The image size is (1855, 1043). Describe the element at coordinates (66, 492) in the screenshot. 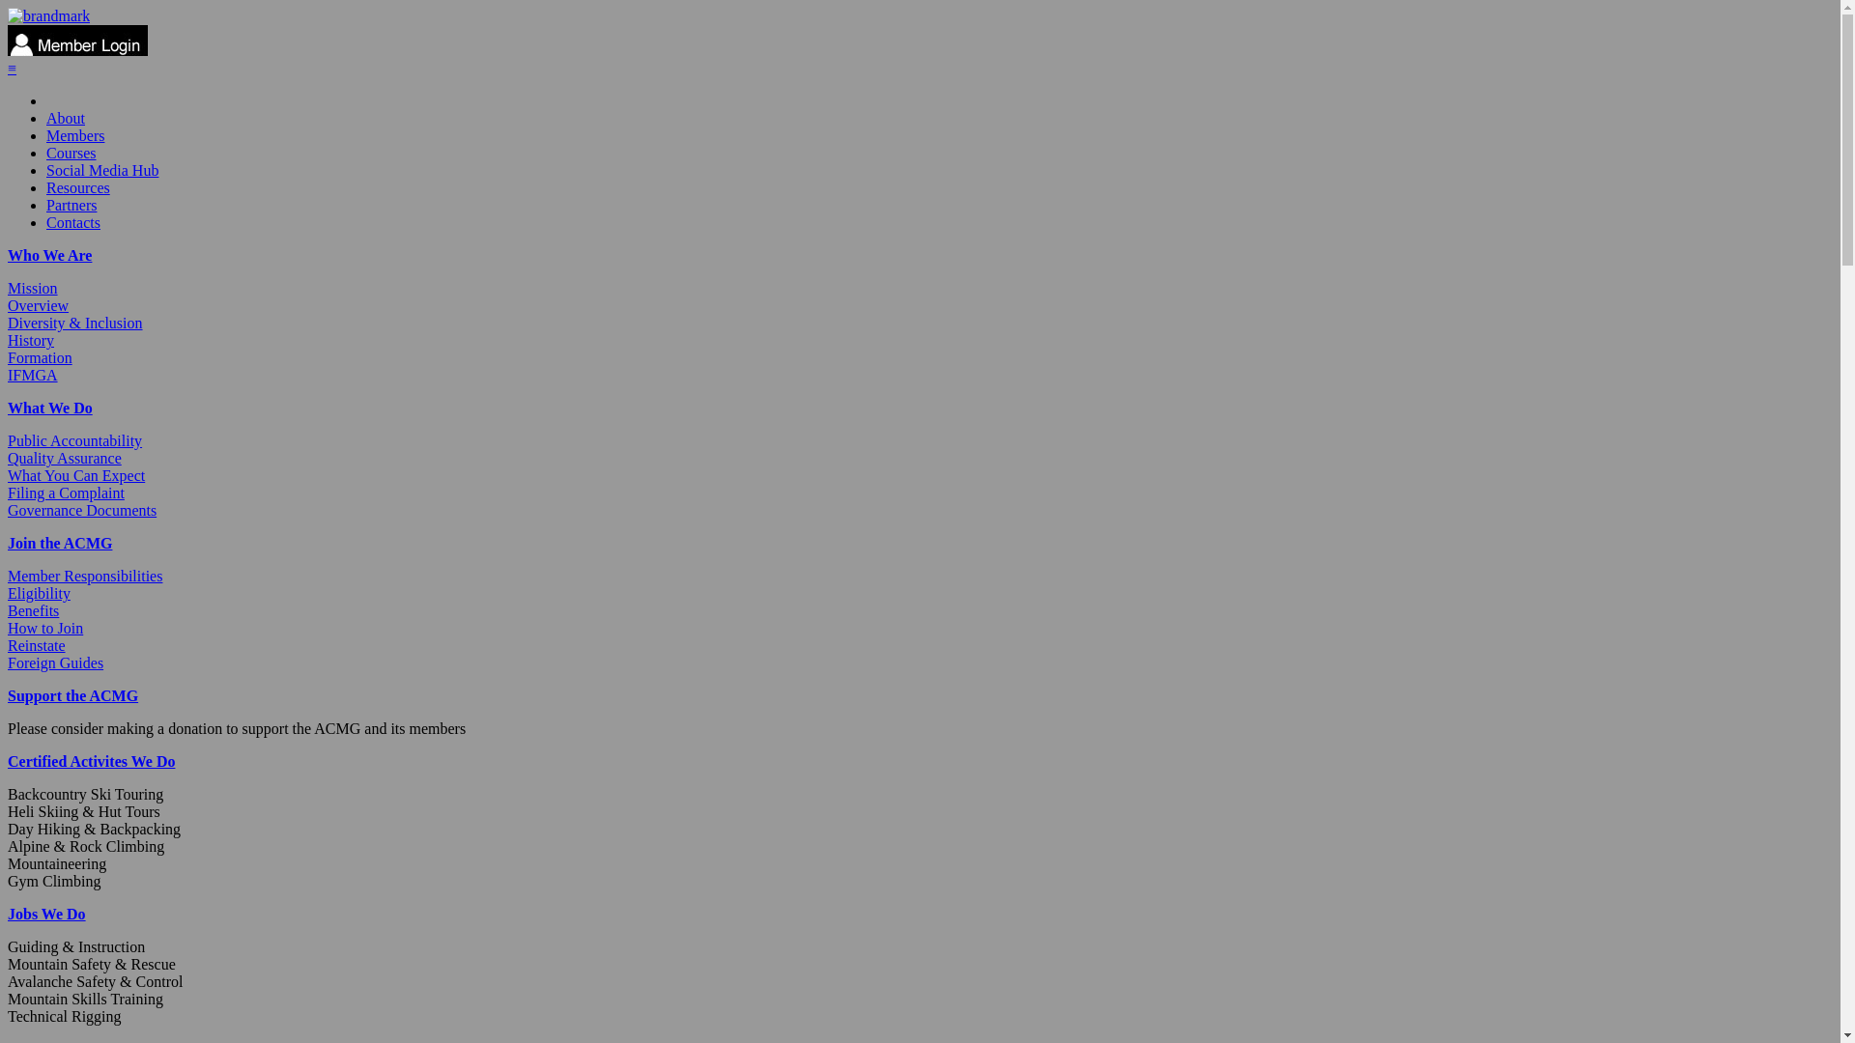

I see `'Filing a Complaint'` at that location.